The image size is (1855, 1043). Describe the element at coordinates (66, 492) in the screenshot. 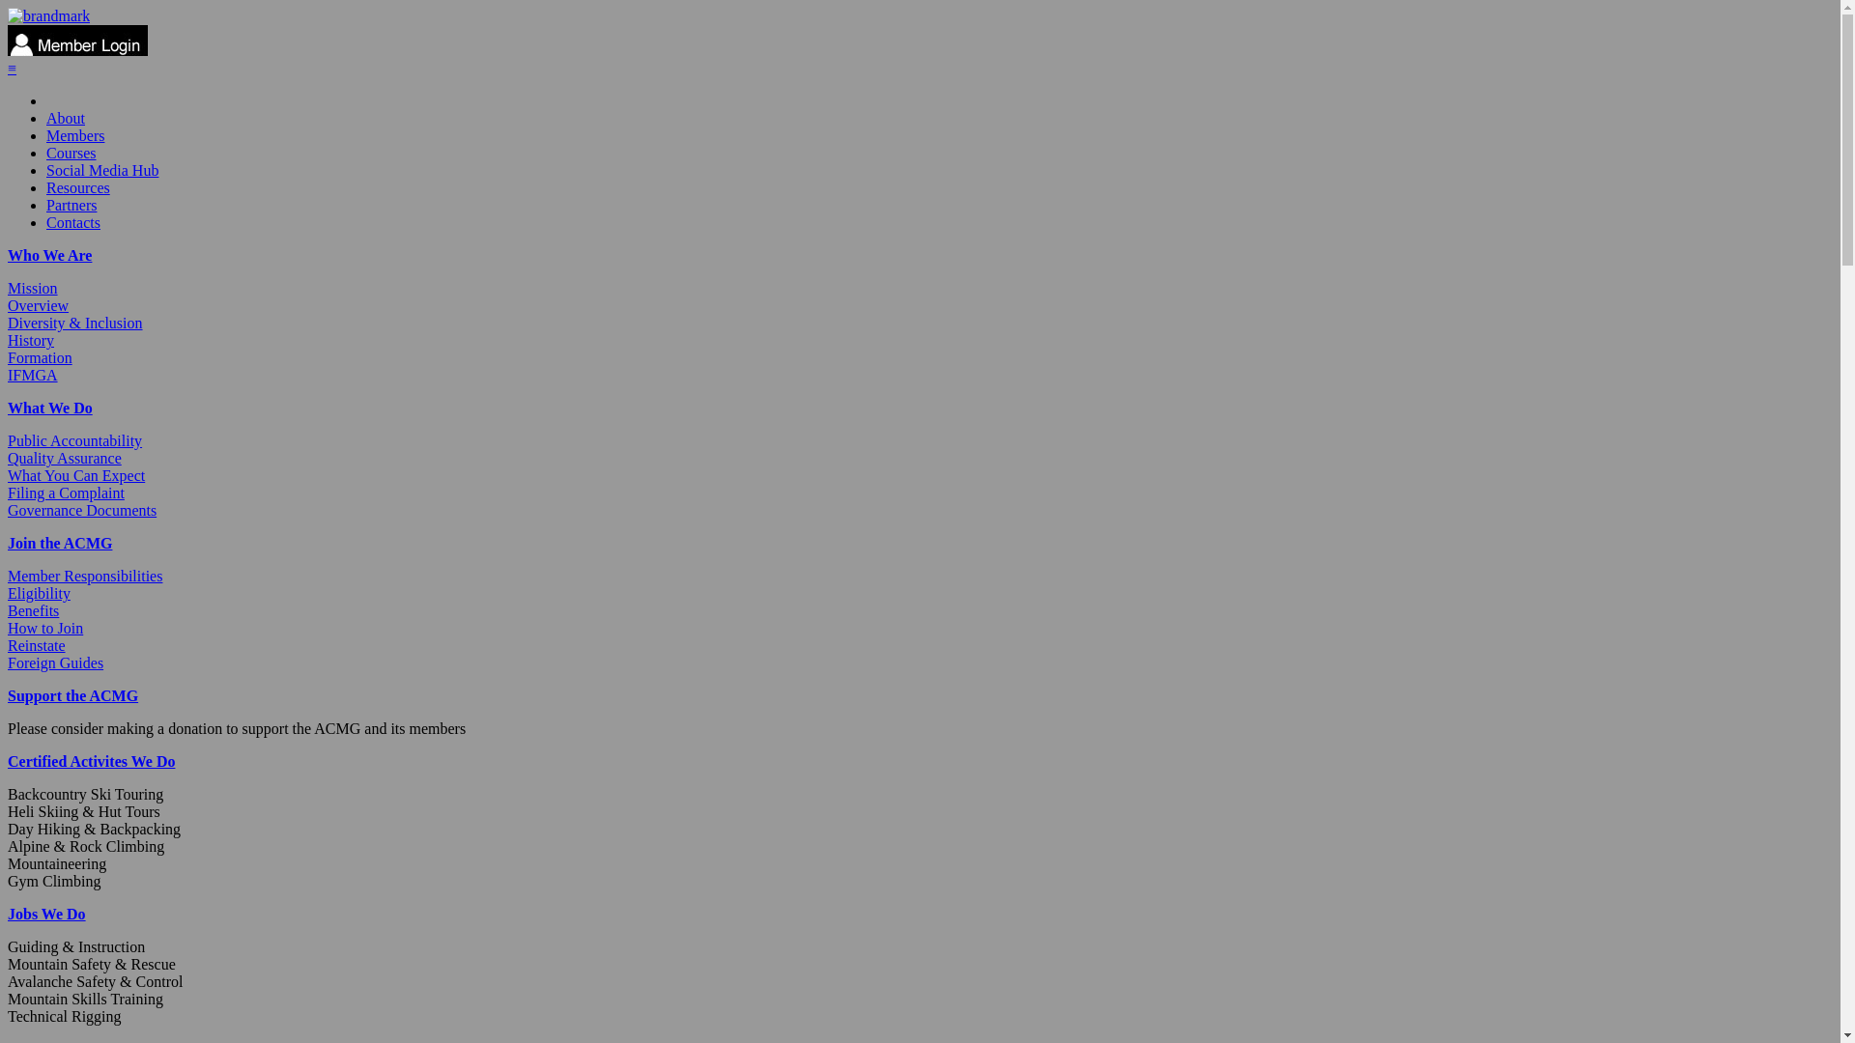

I see `'Filing a Complaint'` at that location.